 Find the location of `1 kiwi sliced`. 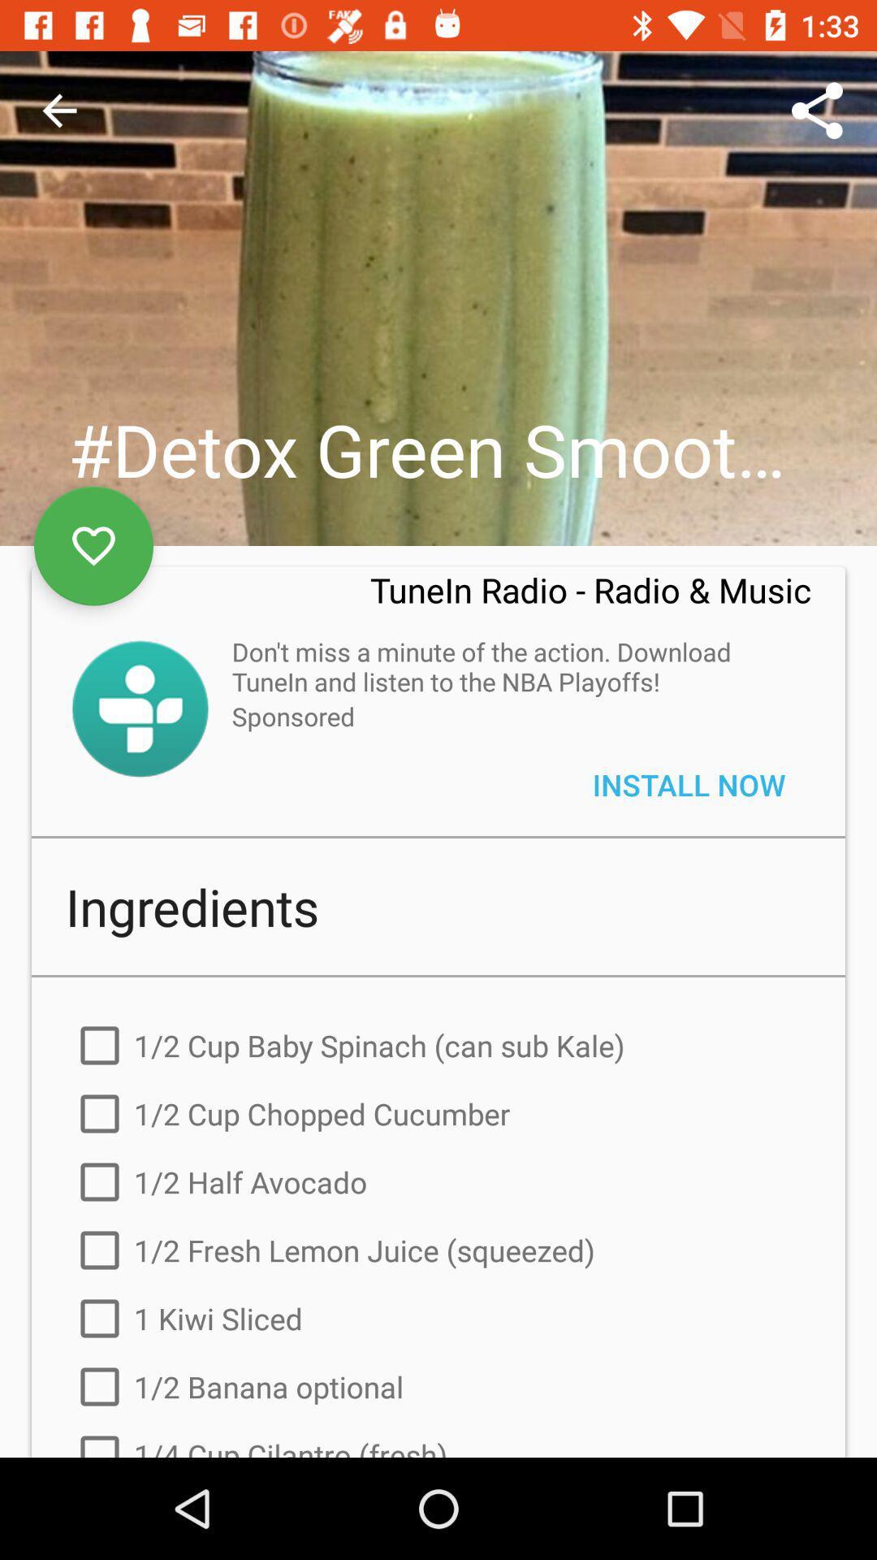

1 kiwi sliced is located at coordinates (438, 1318).